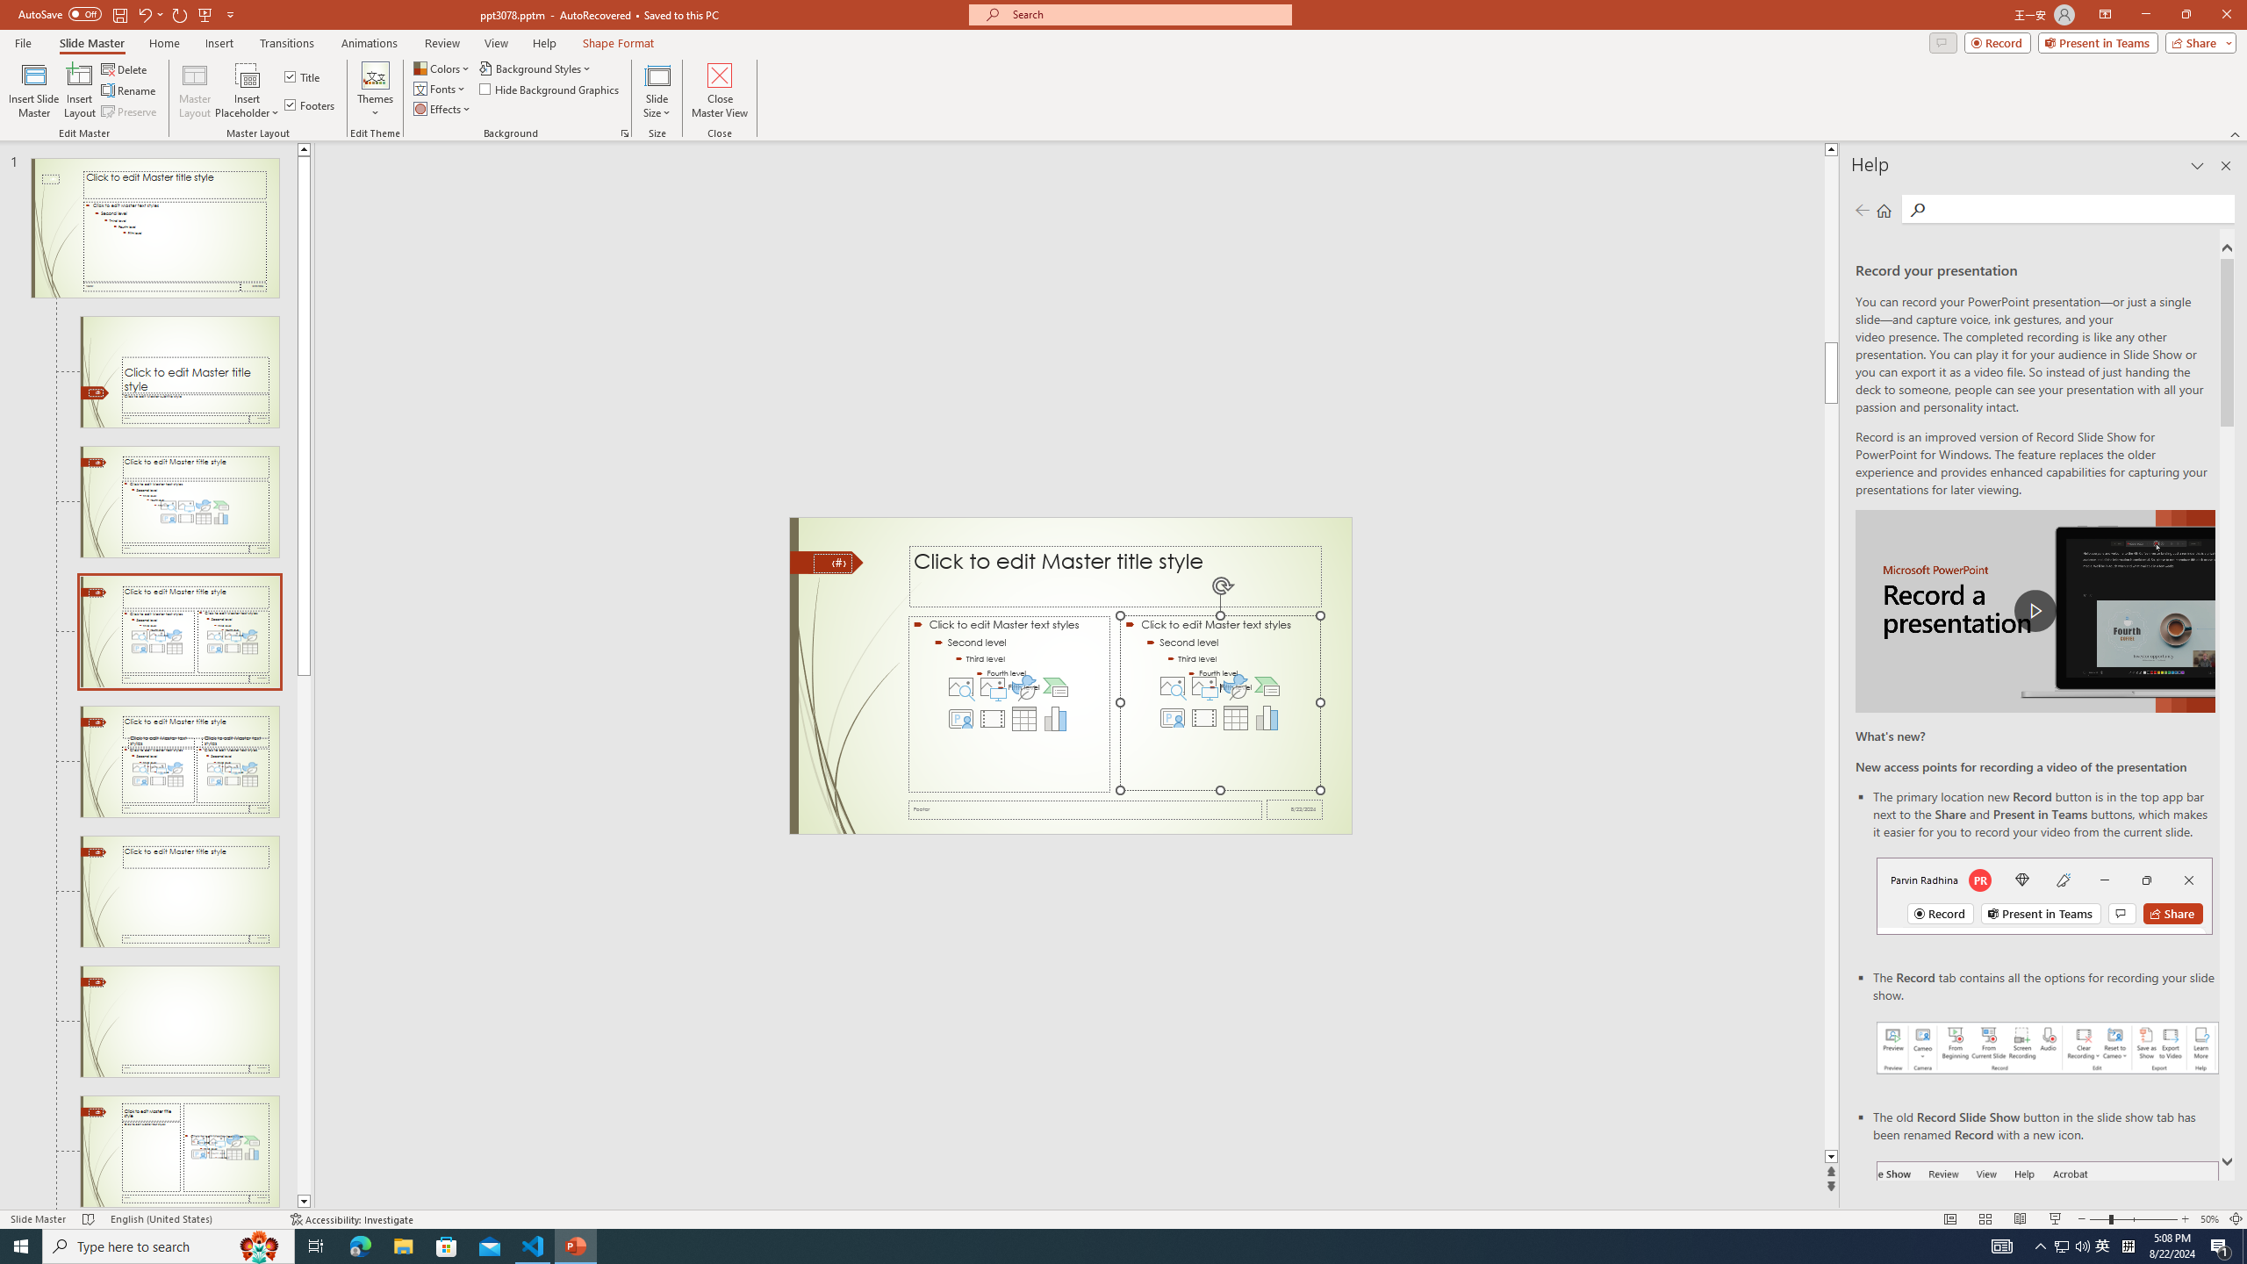 The image size is (2247, 1264). What do you see at coordinates (1235, 716) in the screenshot?
I see `'Insert Table'` at bounding box center [1235, 716].